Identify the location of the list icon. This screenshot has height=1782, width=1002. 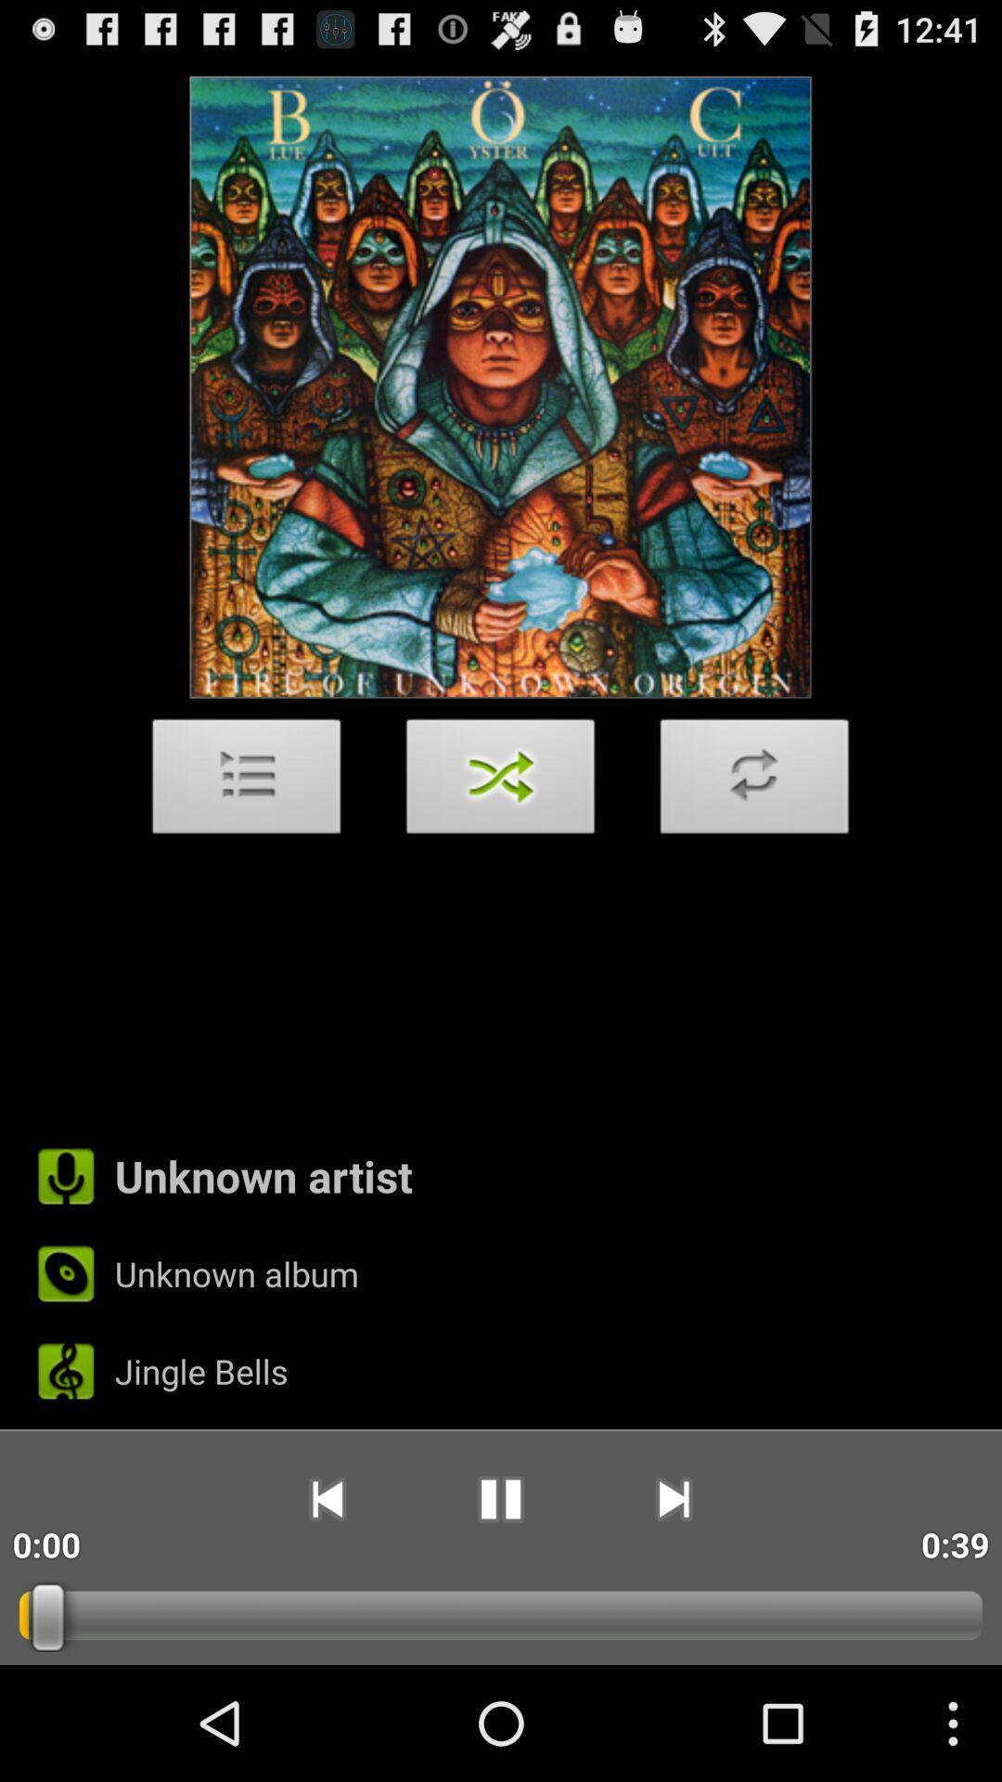
(246, 835).